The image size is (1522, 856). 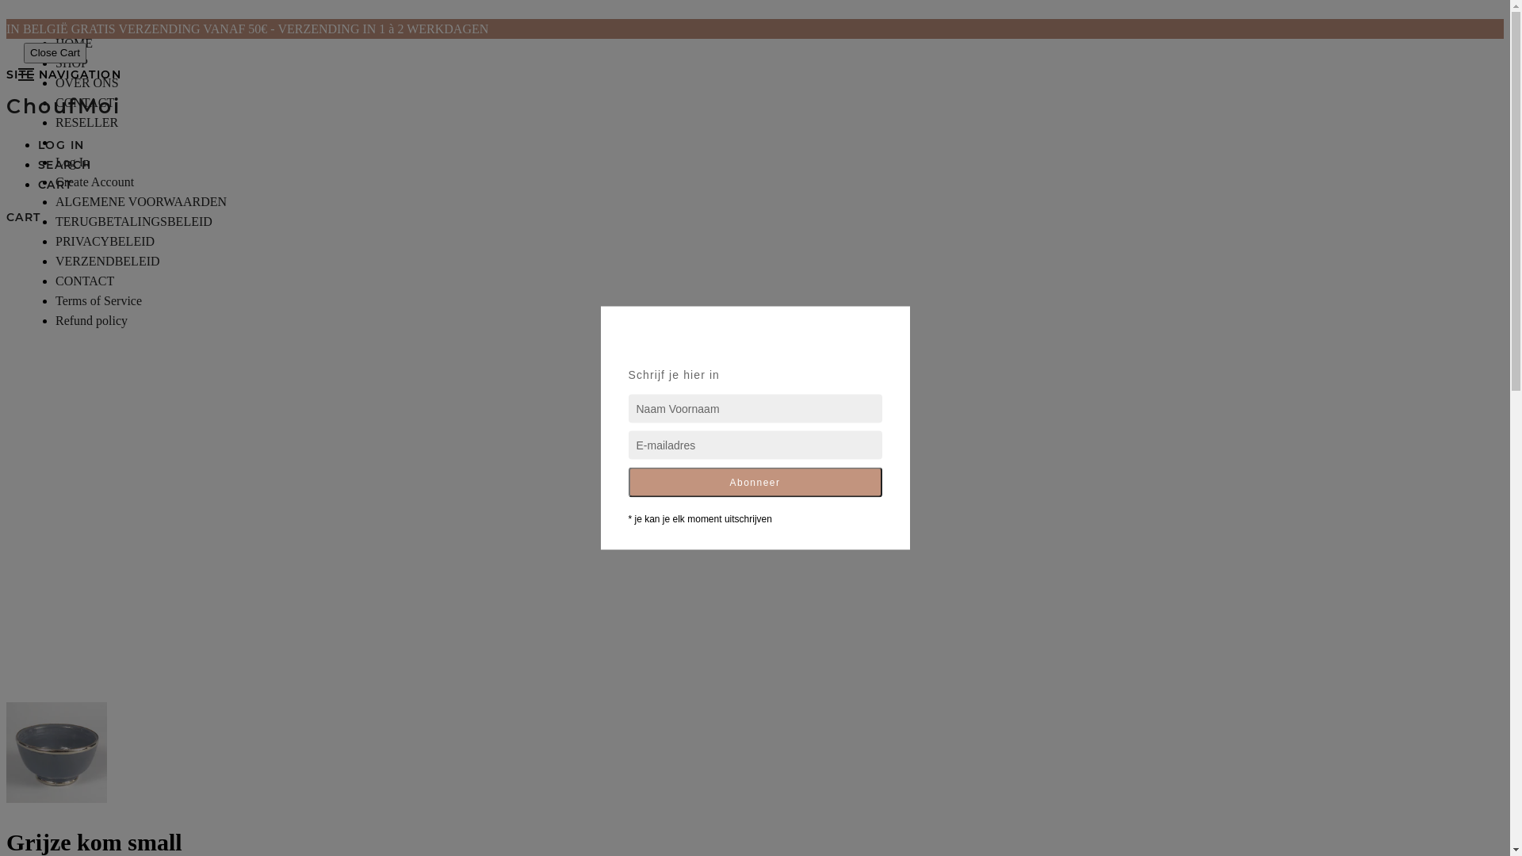 What do you see at coordinates (6, 106) in the screenshot?
I see `'ChoufMoi'` at bounding box center [6, 106].